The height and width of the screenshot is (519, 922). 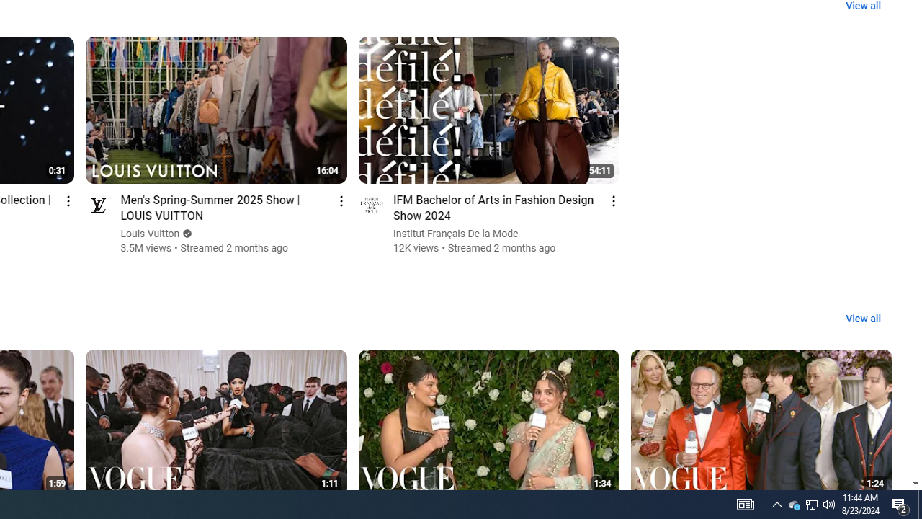 What do you see at coordinates (185, 233) in the screenshot?
I see `'Verified'` at bounding box center [185, 233].